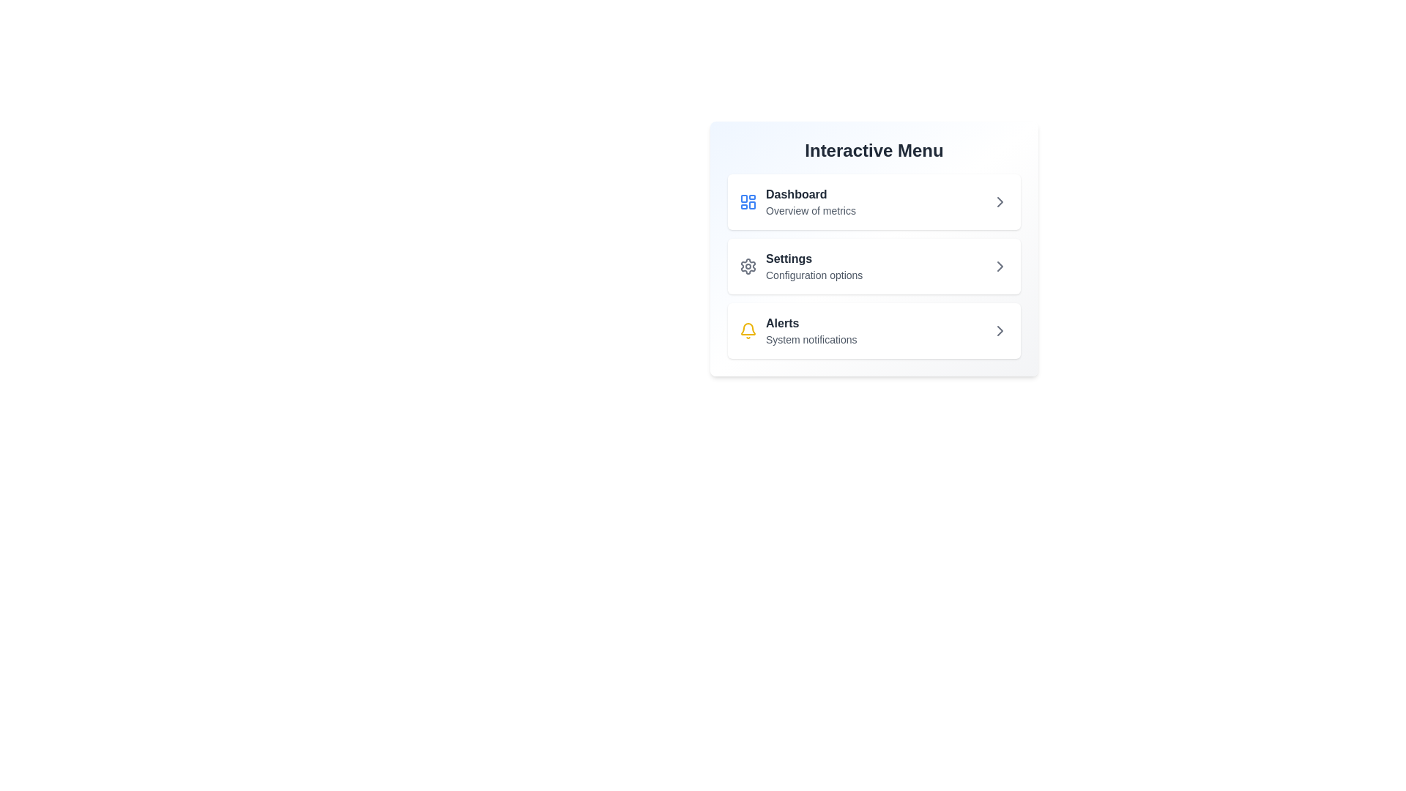 The width and height of the screenshot is (1406, 791). I want to click on the second item in the vertical list titled 'Interactive Menu', so click(874, 266).